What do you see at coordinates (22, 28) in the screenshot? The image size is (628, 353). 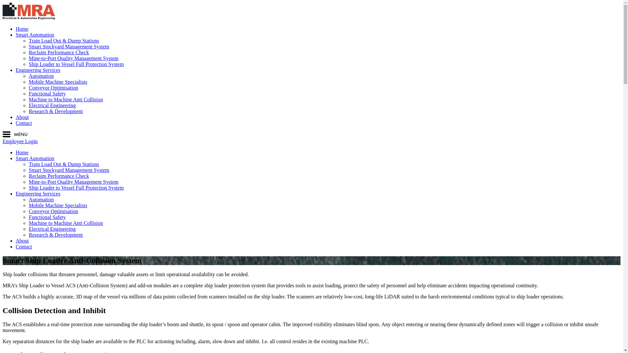 I see `'Home'` at bounding box center [22, 28].